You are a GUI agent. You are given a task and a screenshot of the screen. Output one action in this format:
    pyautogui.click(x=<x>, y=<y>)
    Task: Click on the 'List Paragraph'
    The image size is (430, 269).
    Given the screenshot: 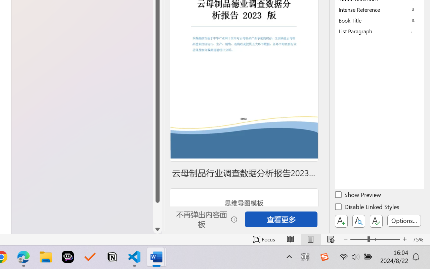 What is the action you would take?
    pyautogui.click(x=380, y=31)
    